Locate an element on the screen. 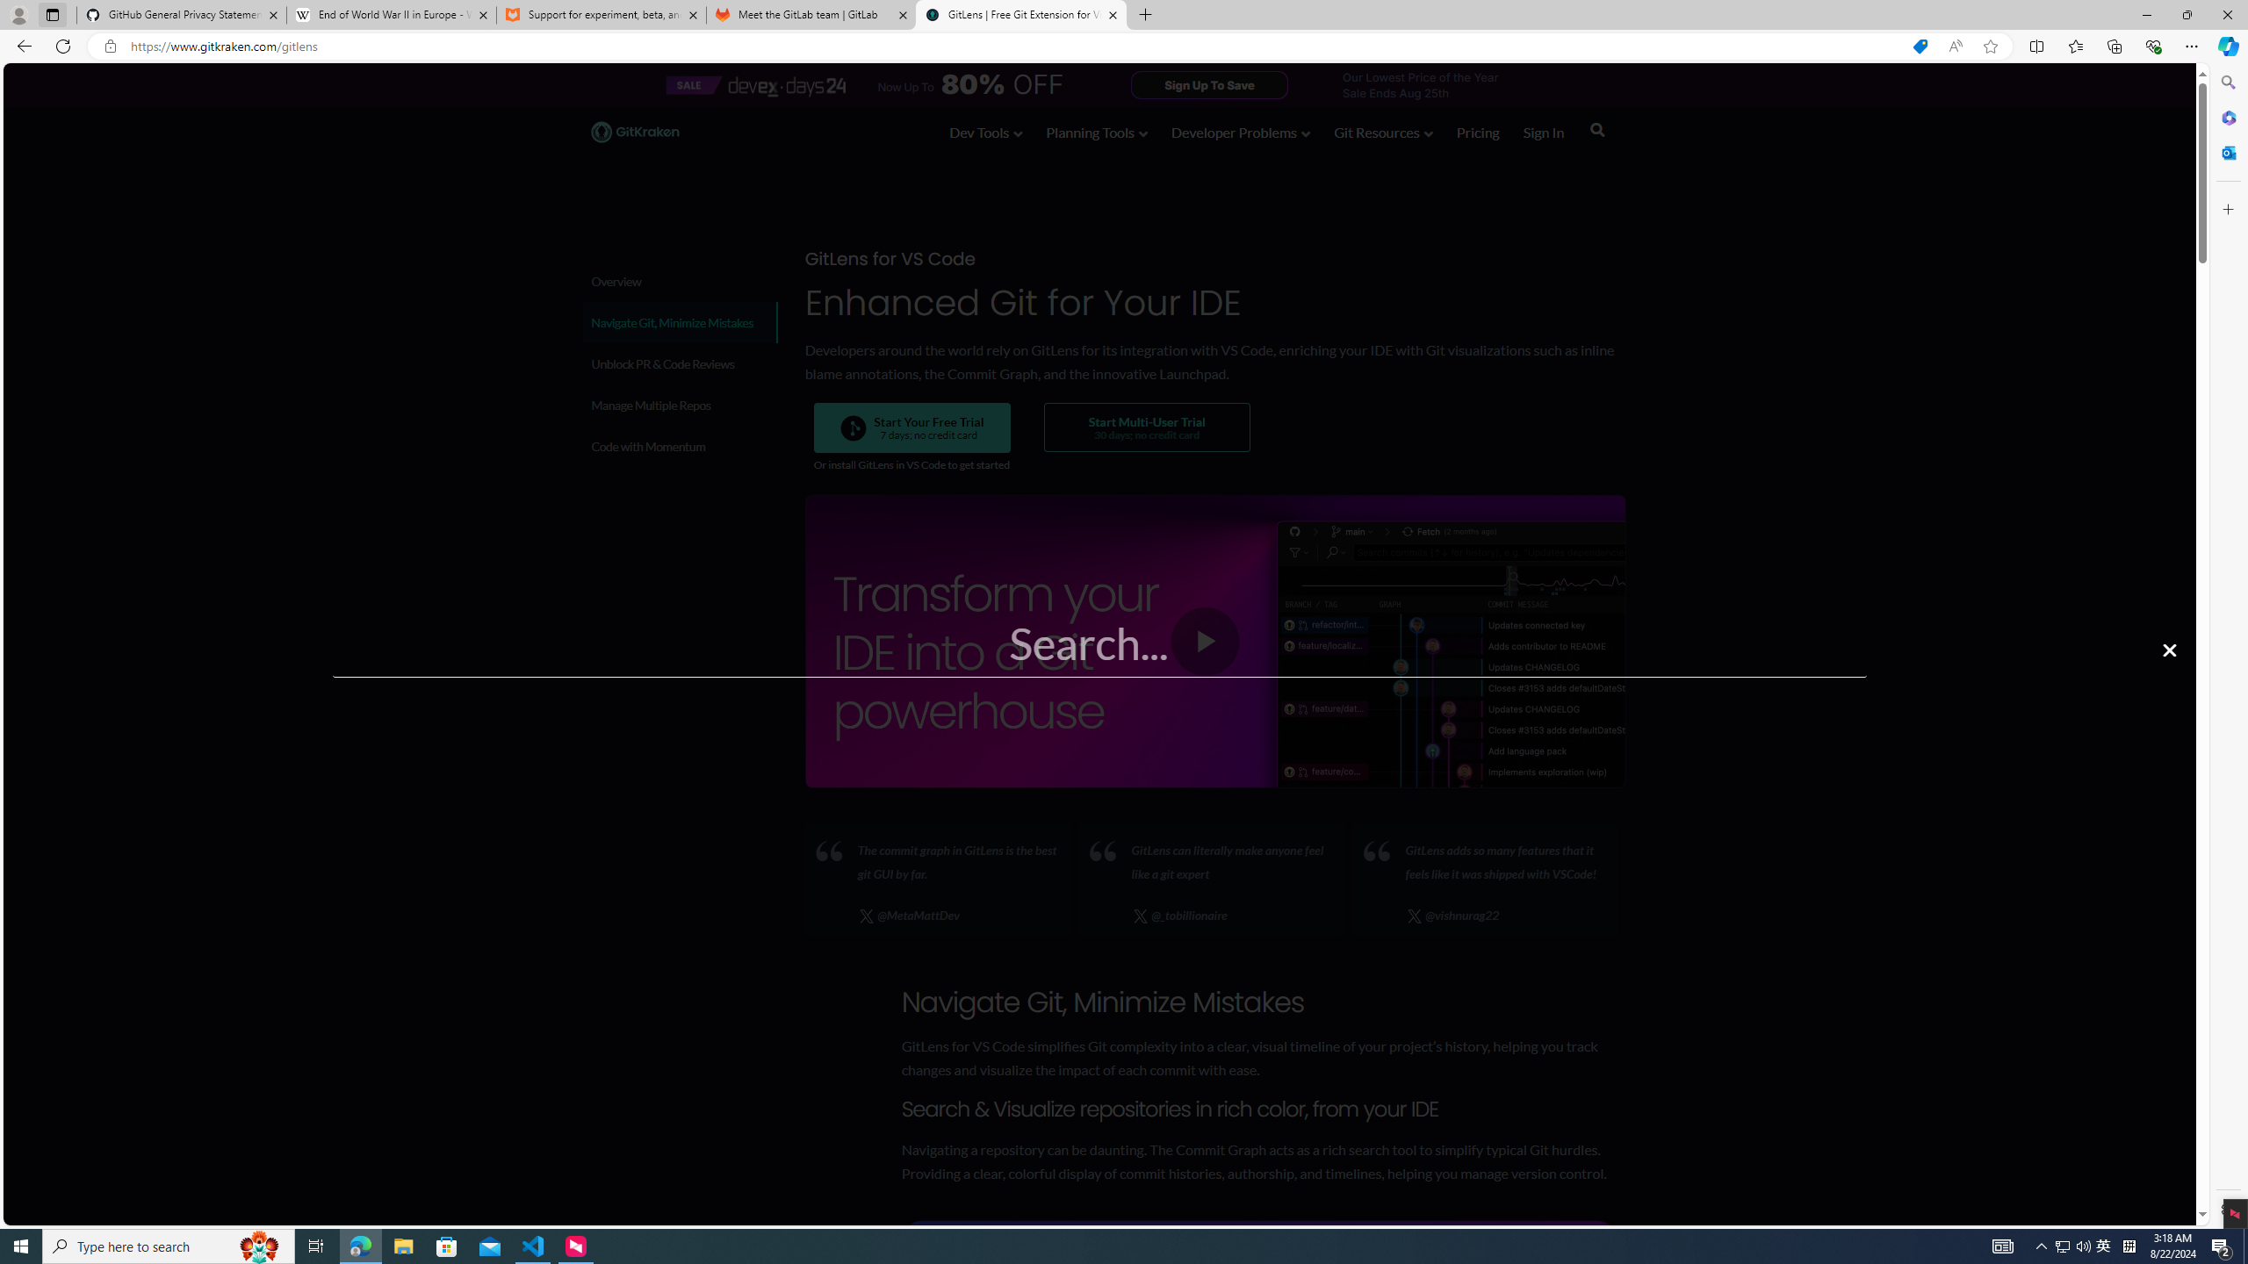 The width and height of the screenshot is (2248, 1264). 'Sign Up To Save' is located at coordinates (1209, 83).